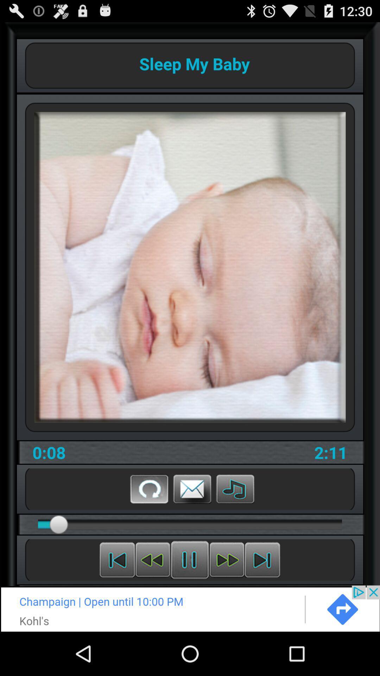  I want to click on the av_forward icon, so click(227, 599).